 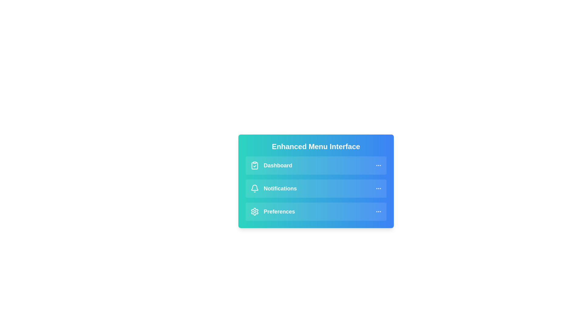 What do you see at coordinates (254, 165) in the screenshot?
I see `the 'Dashboard' icon located on the topmost row of the Enhanced Menu Interface` at bounding box center [254, 165].